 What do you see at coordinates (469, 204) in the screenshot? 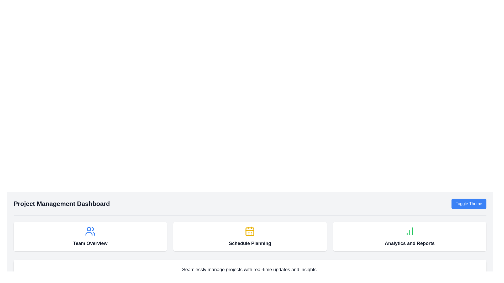
I see `the 'Toggle Theme' button located on the right side of the header section to change the theme of the interface` at bounding box center [469, 204].